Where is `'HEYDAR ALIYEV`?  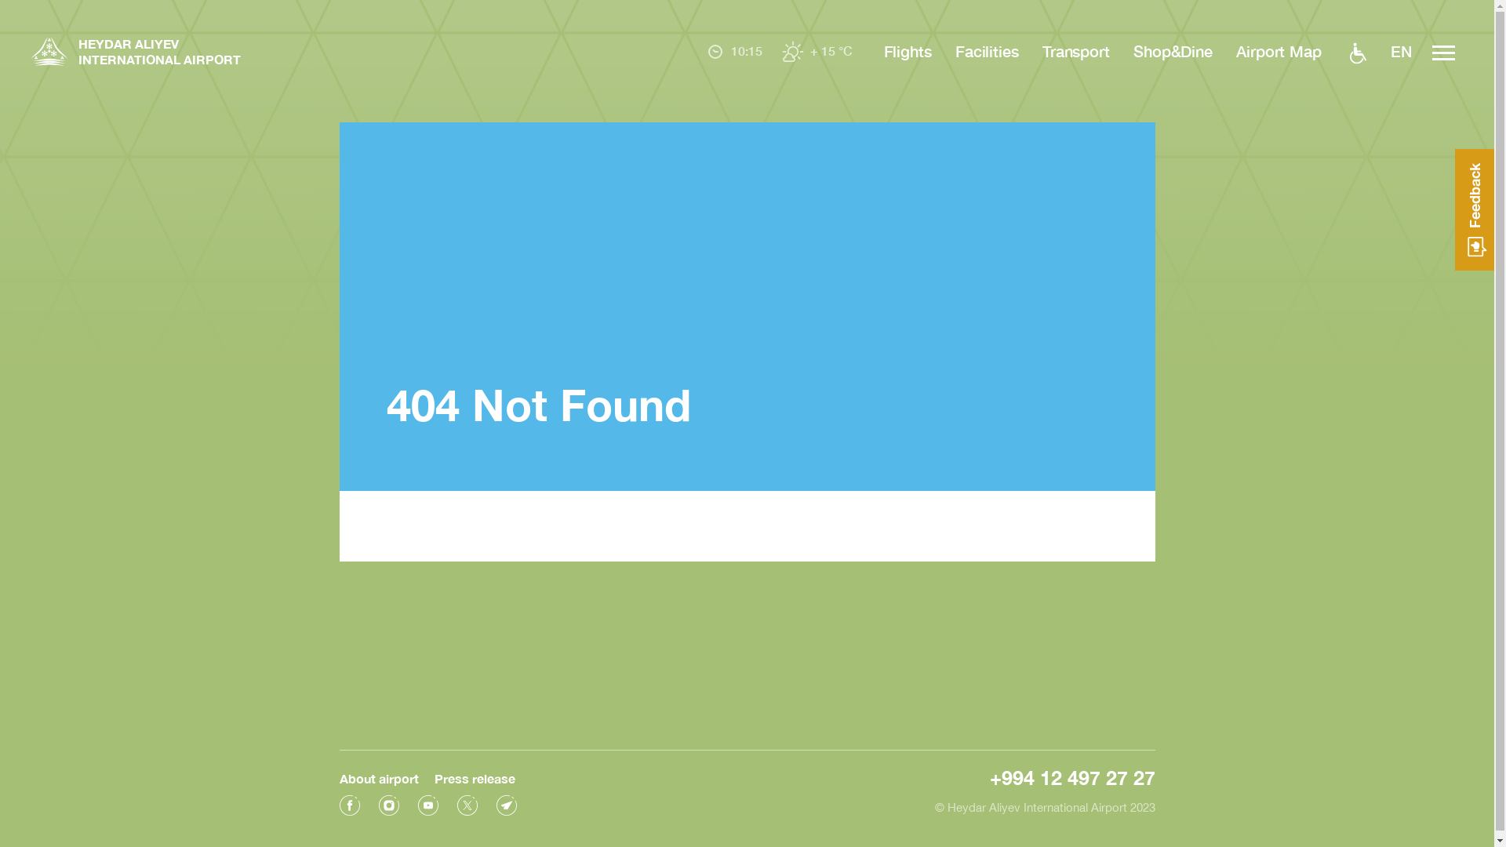 'HEYDAR ALIYEV is located at coordinates (136, 53).